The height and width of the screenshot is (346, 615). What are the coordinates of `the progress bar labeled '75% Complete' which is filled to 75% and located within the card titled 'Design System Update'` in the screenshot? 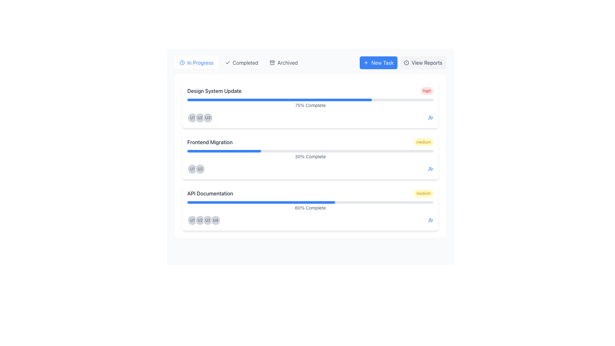 It's located at (310, 103).